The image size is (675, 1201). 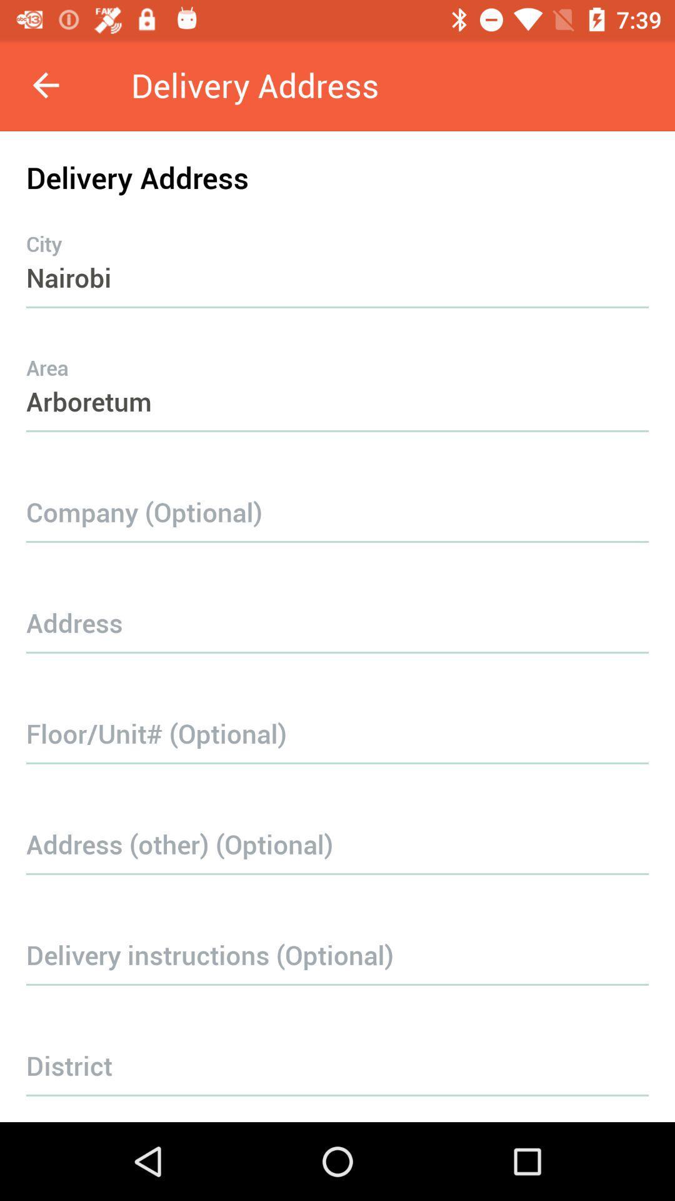 I want to click on item above the arboretum icon, so click(x=337, y=252).